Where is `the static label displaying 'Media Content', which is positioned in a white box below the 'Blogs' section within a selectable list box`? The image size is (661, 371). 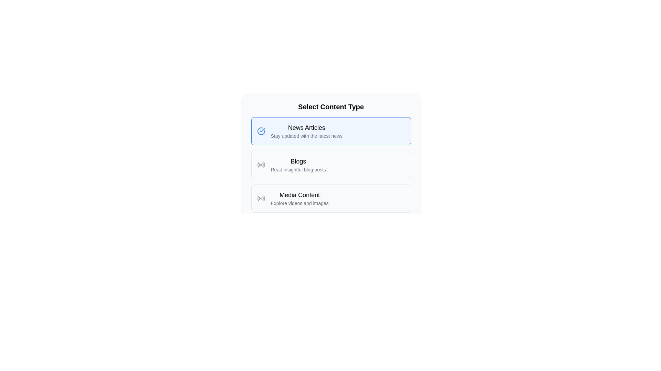 the static label displaying 'Media Content', which is positioned in a white box below the 'Blogs' section within a selectable list box is located at coordinates (300, 195).